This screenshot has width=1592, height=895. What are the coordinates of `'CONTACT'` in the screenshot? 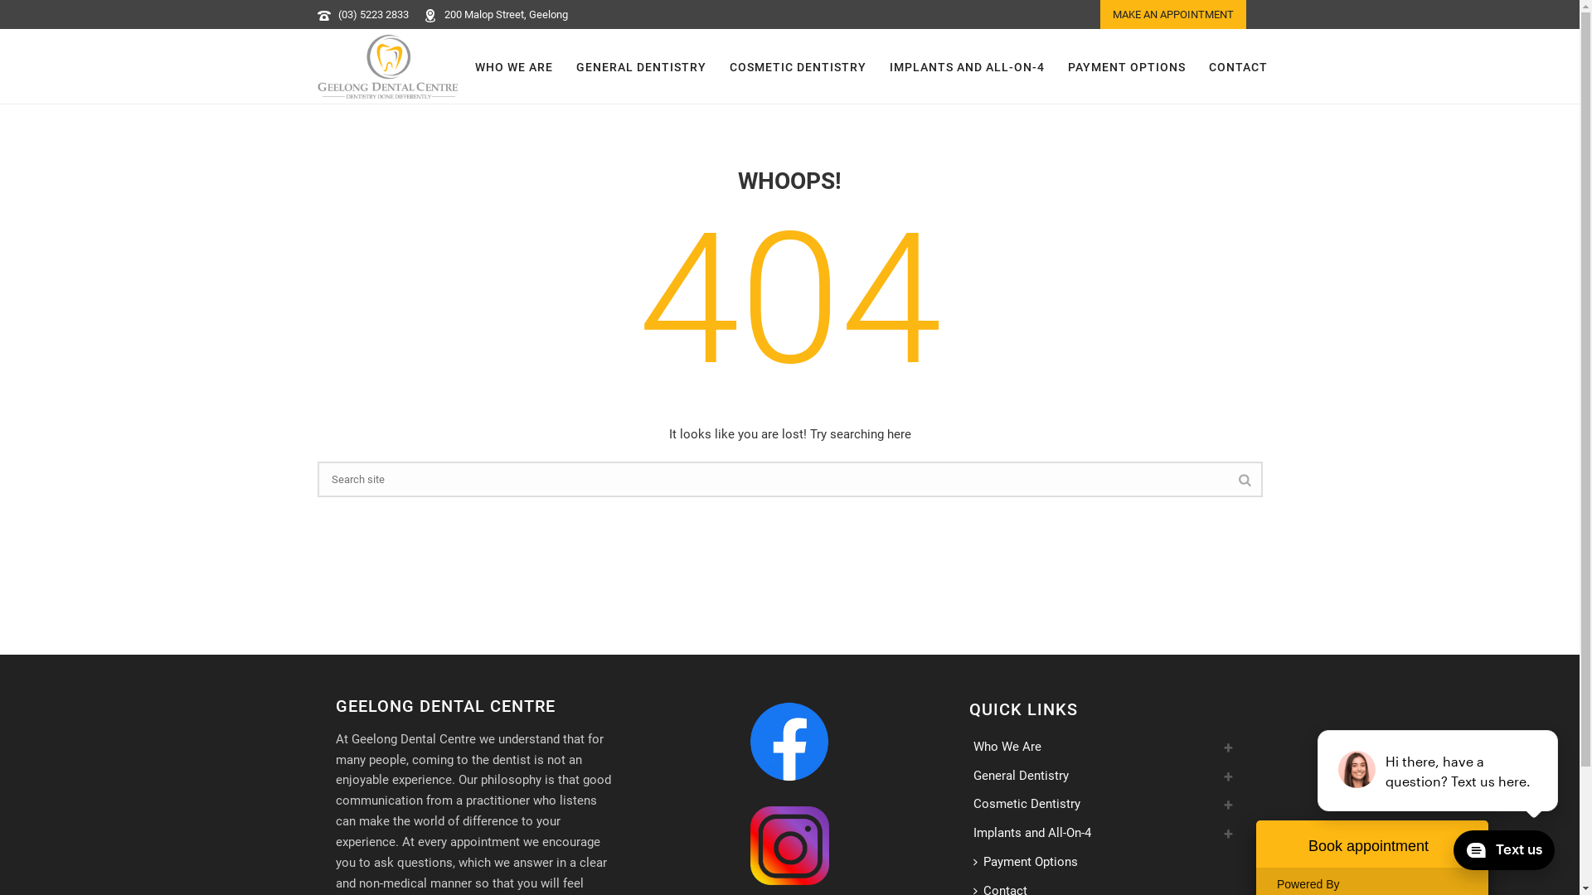 It's located at (1238, 66).